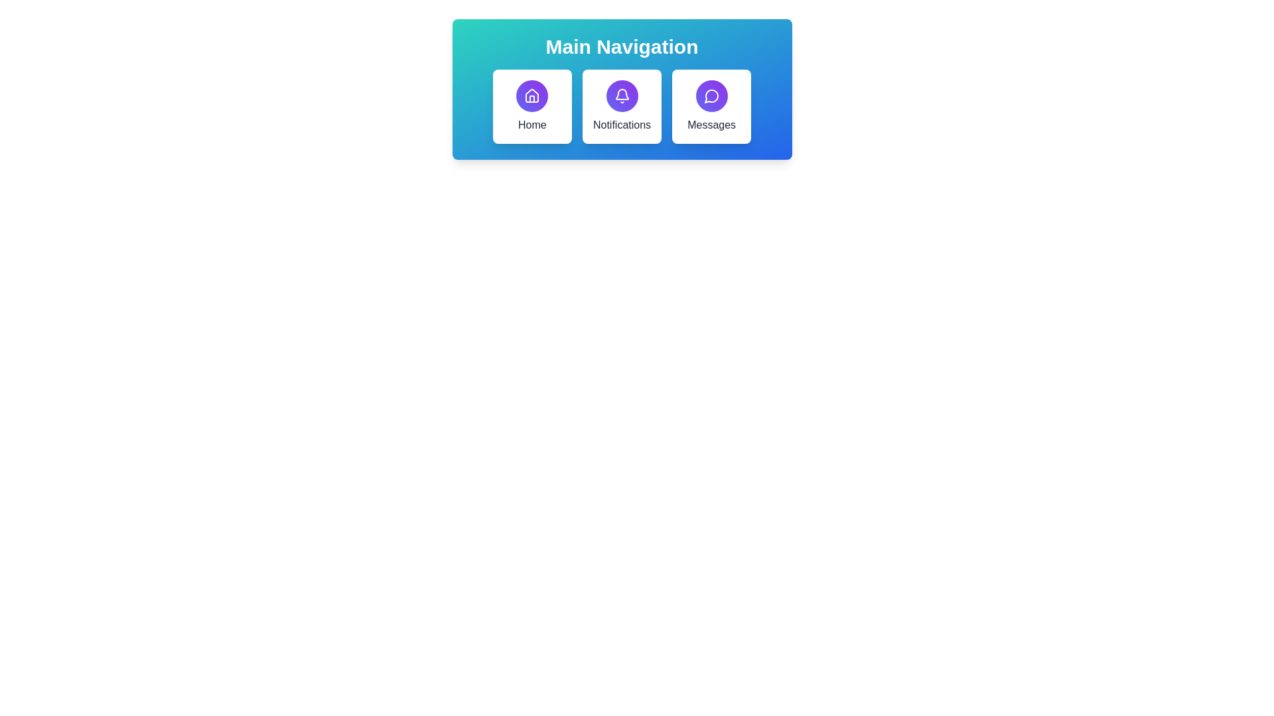 The height and width of the screenshot is (716, 1274). Describe the element at coordinates (532, 95) in the screenshot. I see `the 'Home' icon, which is the leftmost circular icon in the 'Main Navigation' card` at that location.